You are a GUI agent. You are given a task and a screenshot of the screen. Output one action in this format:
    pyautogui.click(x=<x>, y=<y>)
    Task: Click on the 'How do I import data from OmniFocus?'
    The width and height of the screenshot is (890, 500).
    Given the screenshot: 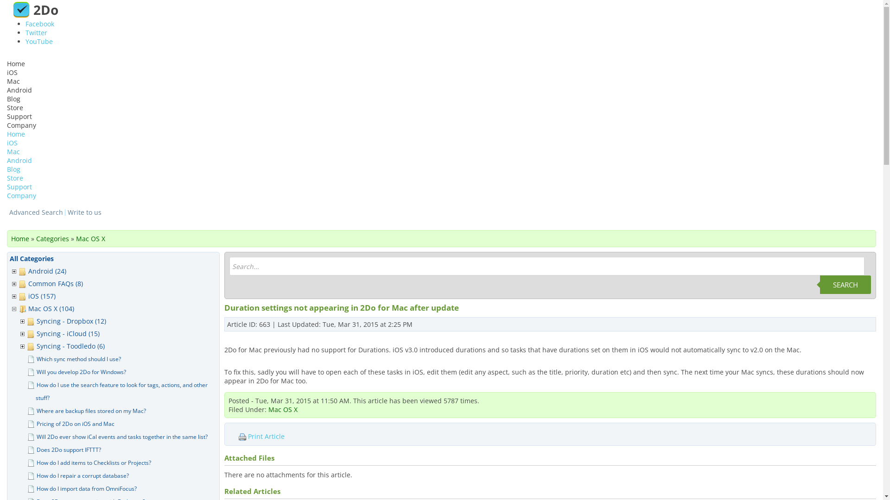 What is the action you would take?
    pyautogui.click(x=35, y=488)
    